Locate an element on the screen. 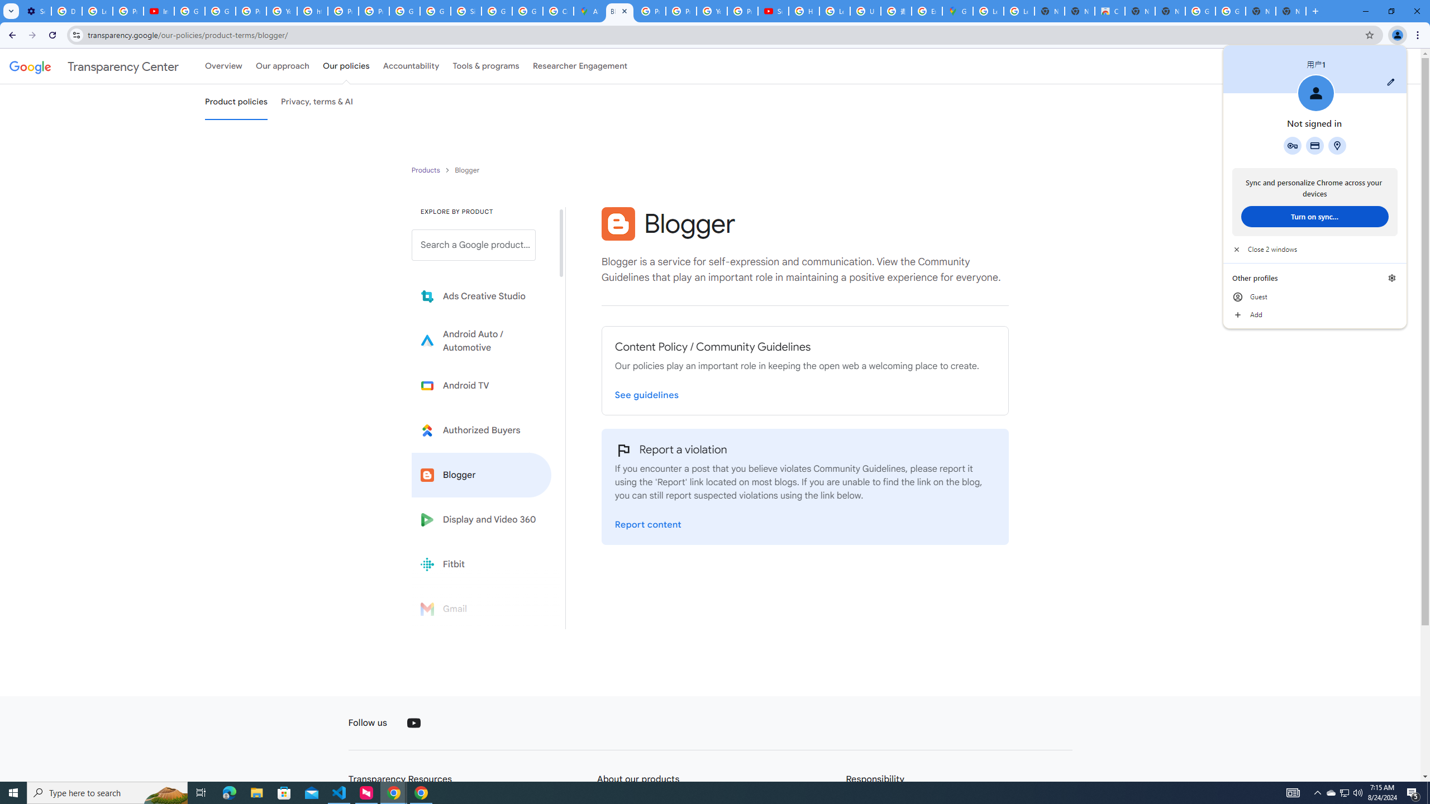 This screenshot has width=1430, height=804. 'Learn more about Android Auto' is located at coordinates (481, 341).